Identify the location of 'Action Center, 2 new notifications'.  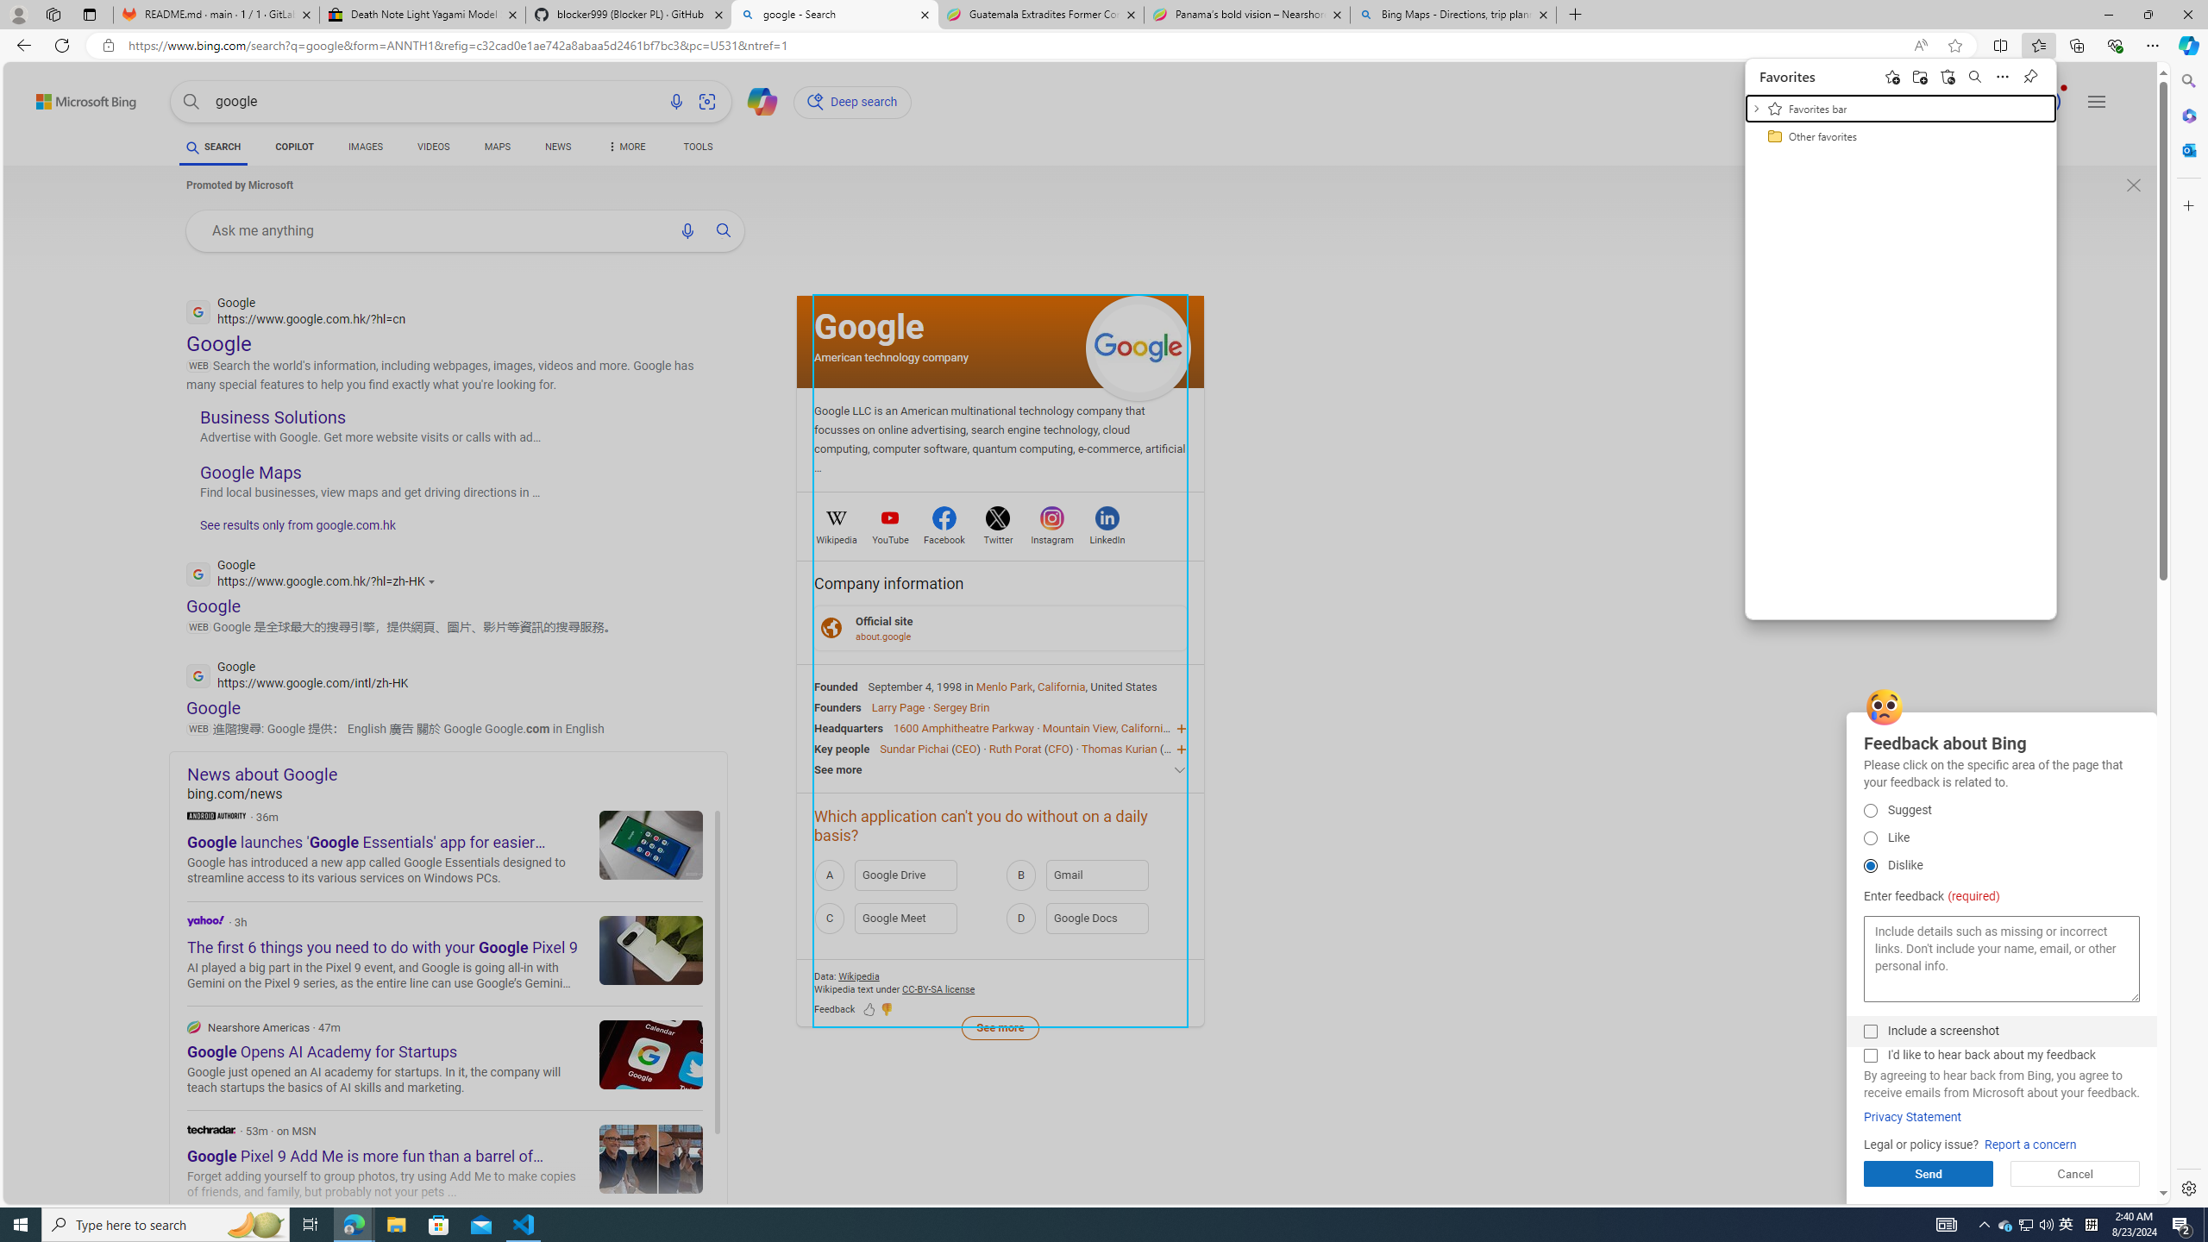
(2182, 1223).